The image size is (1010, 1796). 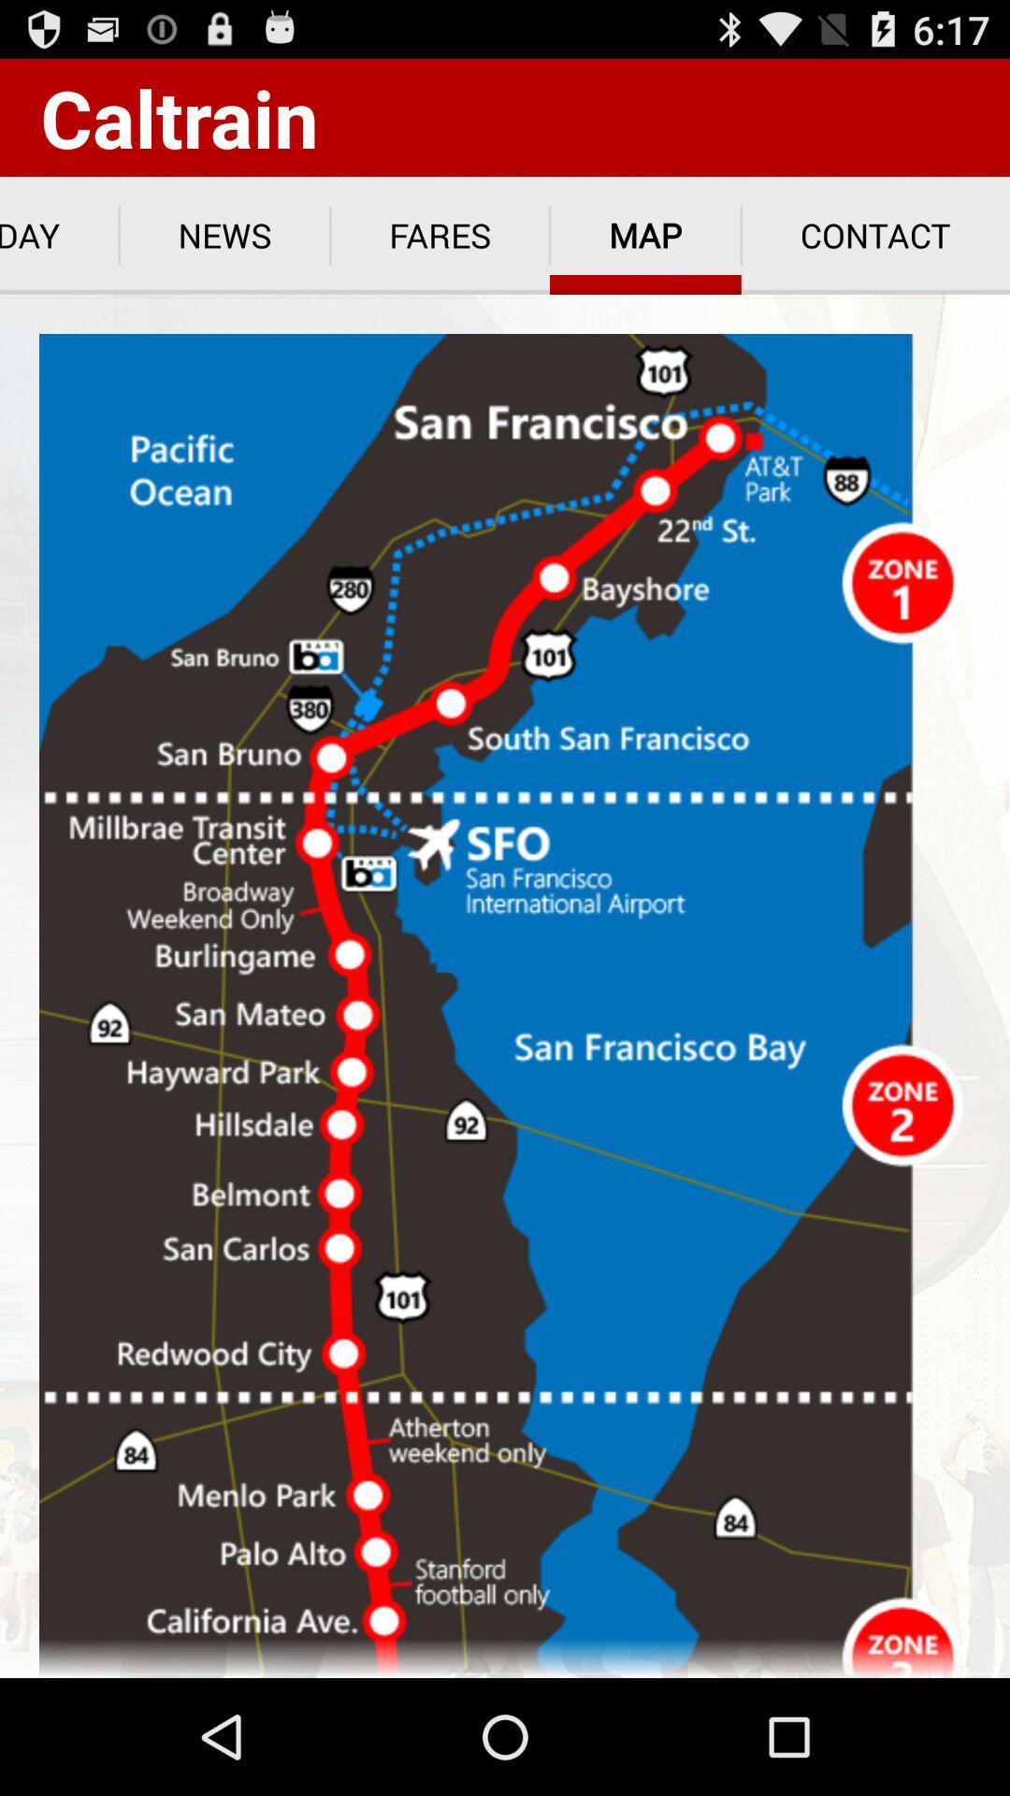 What do you see at coordinates (224, 235) in the screenshot?
I see `news app` at bounding box center [224, 235].